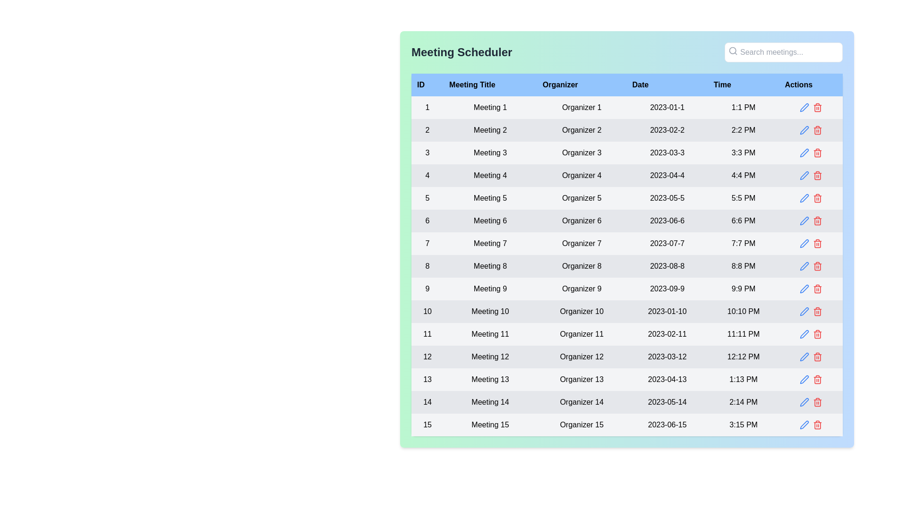  I want to click on the trash bin icon in the interactive icon group located in the last column of the row for 'Meeting 14' to initiate deletion, so click(810, 402).